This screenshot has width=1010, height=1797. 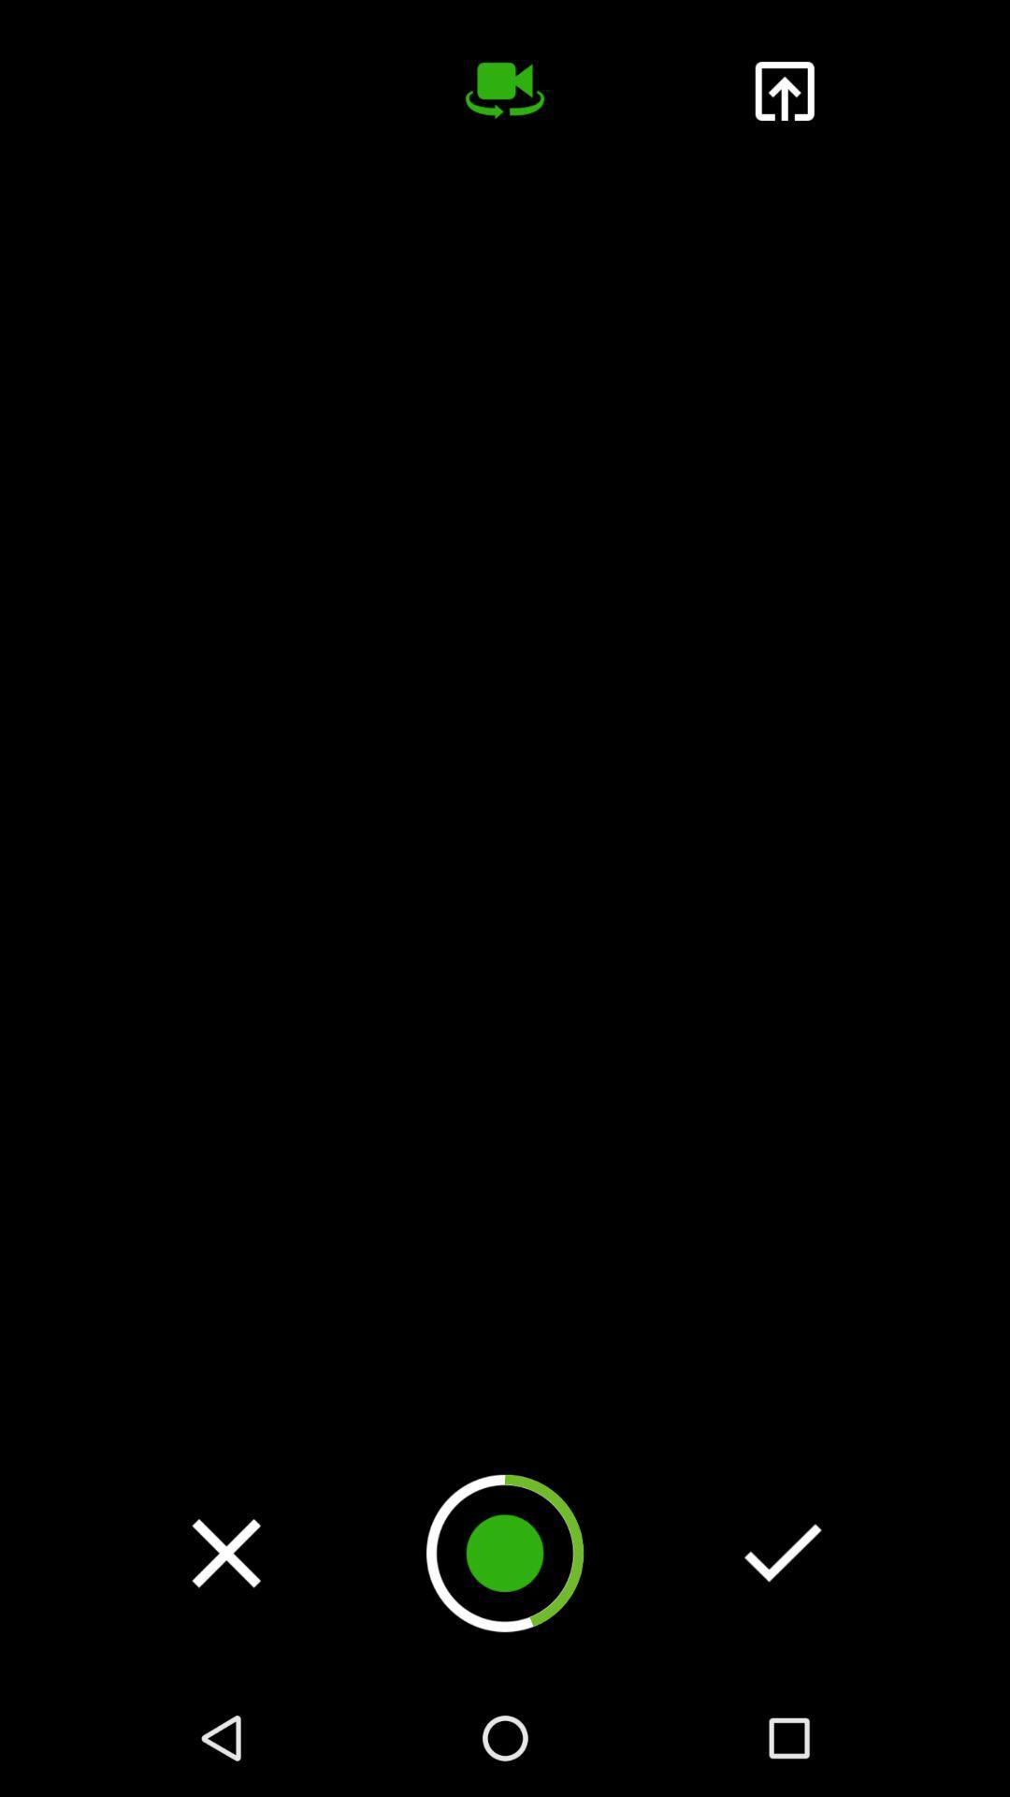 What do you see at coordinates (784, 90) in the screenshot?
I see `or share video` at bounding box center [784, 90].